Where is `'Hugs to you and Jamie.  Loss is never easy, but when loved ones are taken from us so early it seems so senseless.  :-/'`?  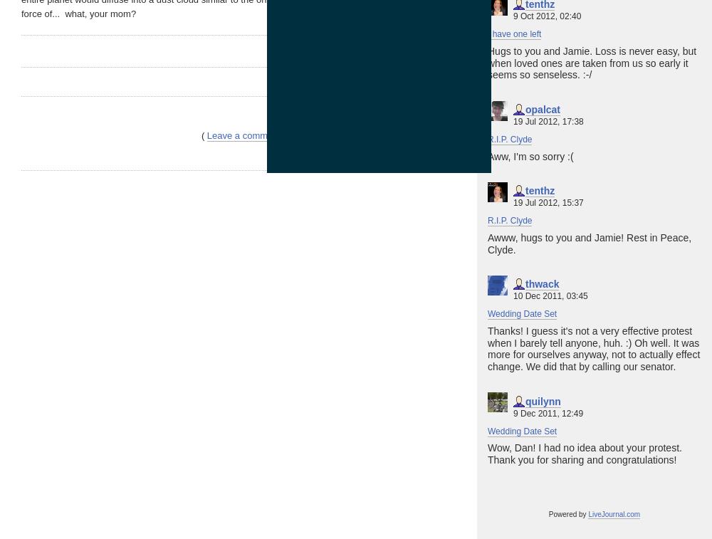 'Hugs to you and Jamie.  Loss is never easy, but when loved ones are taken from us so early it seems so senseless.  :-/' is located at coordinates (591, 61).